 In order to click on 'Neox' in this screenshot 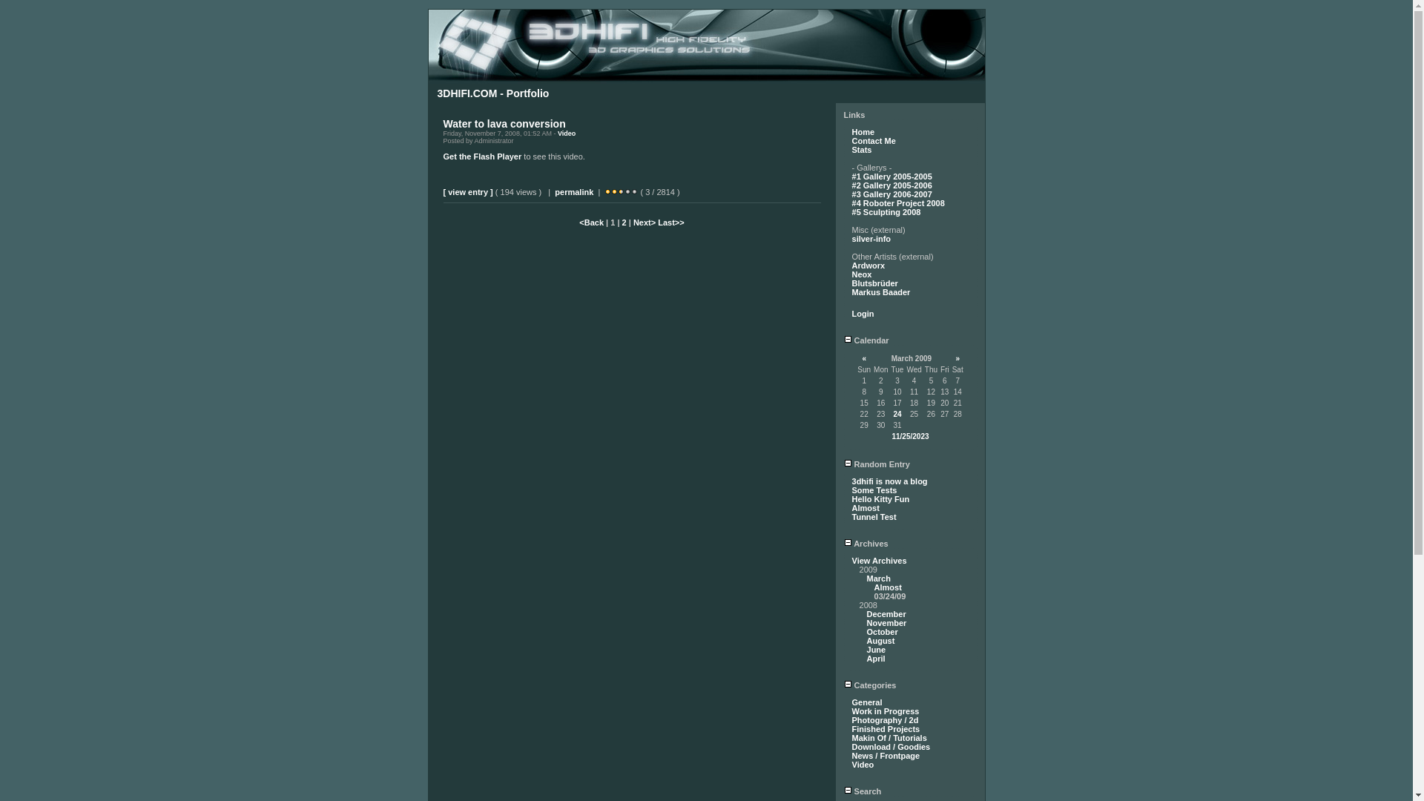, I will do `click(862, 274)`.